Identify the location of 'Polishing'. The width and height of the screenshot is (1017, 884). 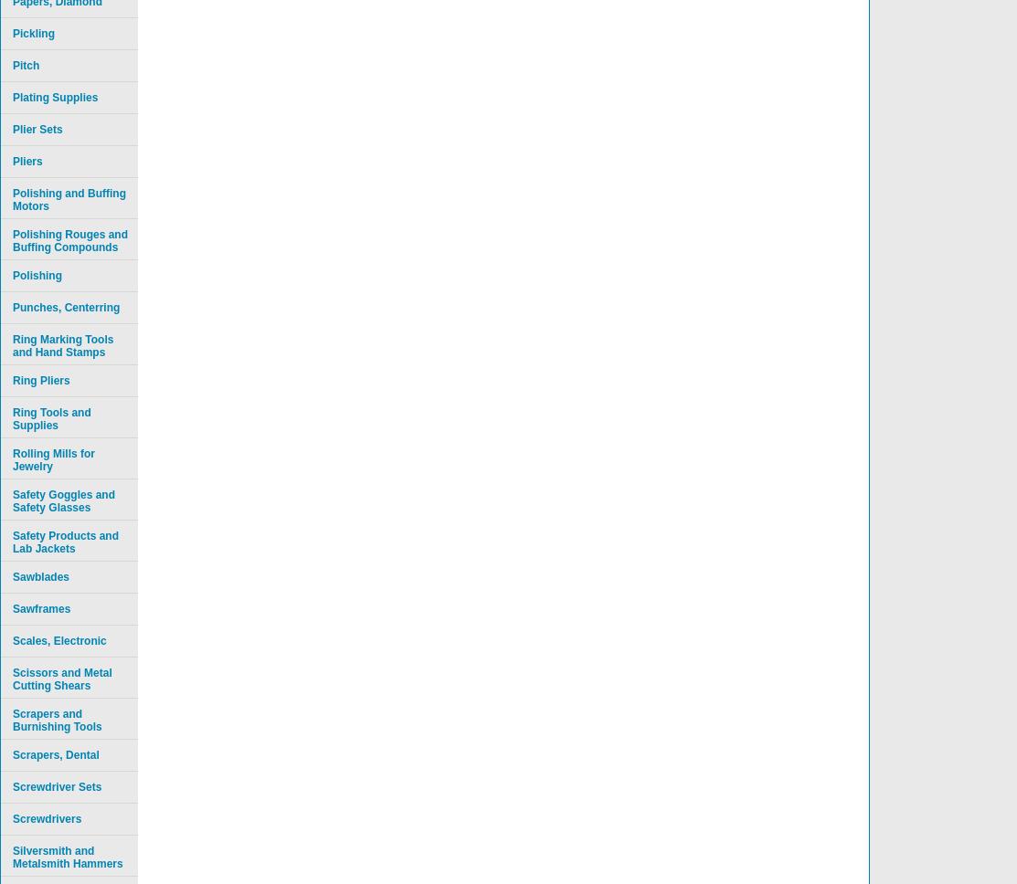
(37, 275).